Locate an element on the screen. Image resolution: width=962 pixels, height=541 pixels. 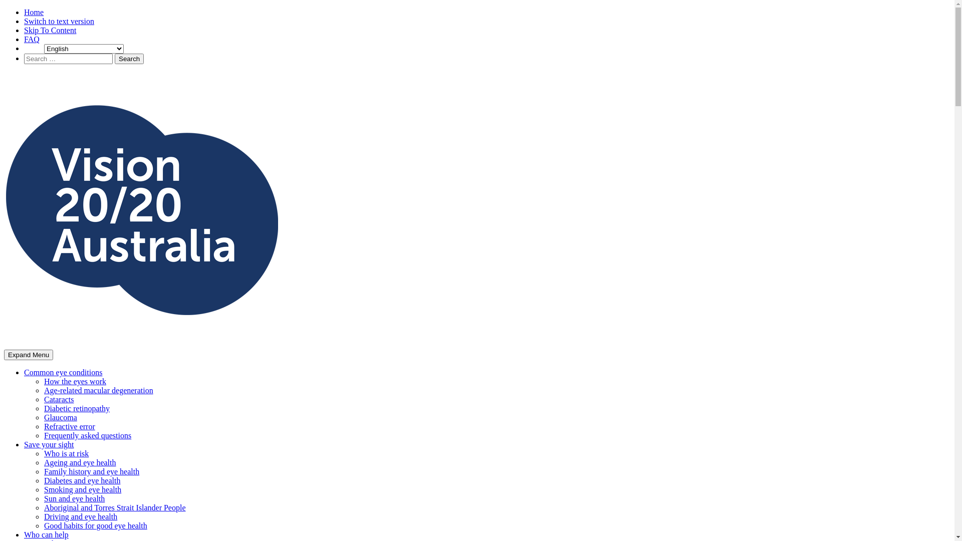
'Diabetic retinopathy' is located at coordinates (76, 408).